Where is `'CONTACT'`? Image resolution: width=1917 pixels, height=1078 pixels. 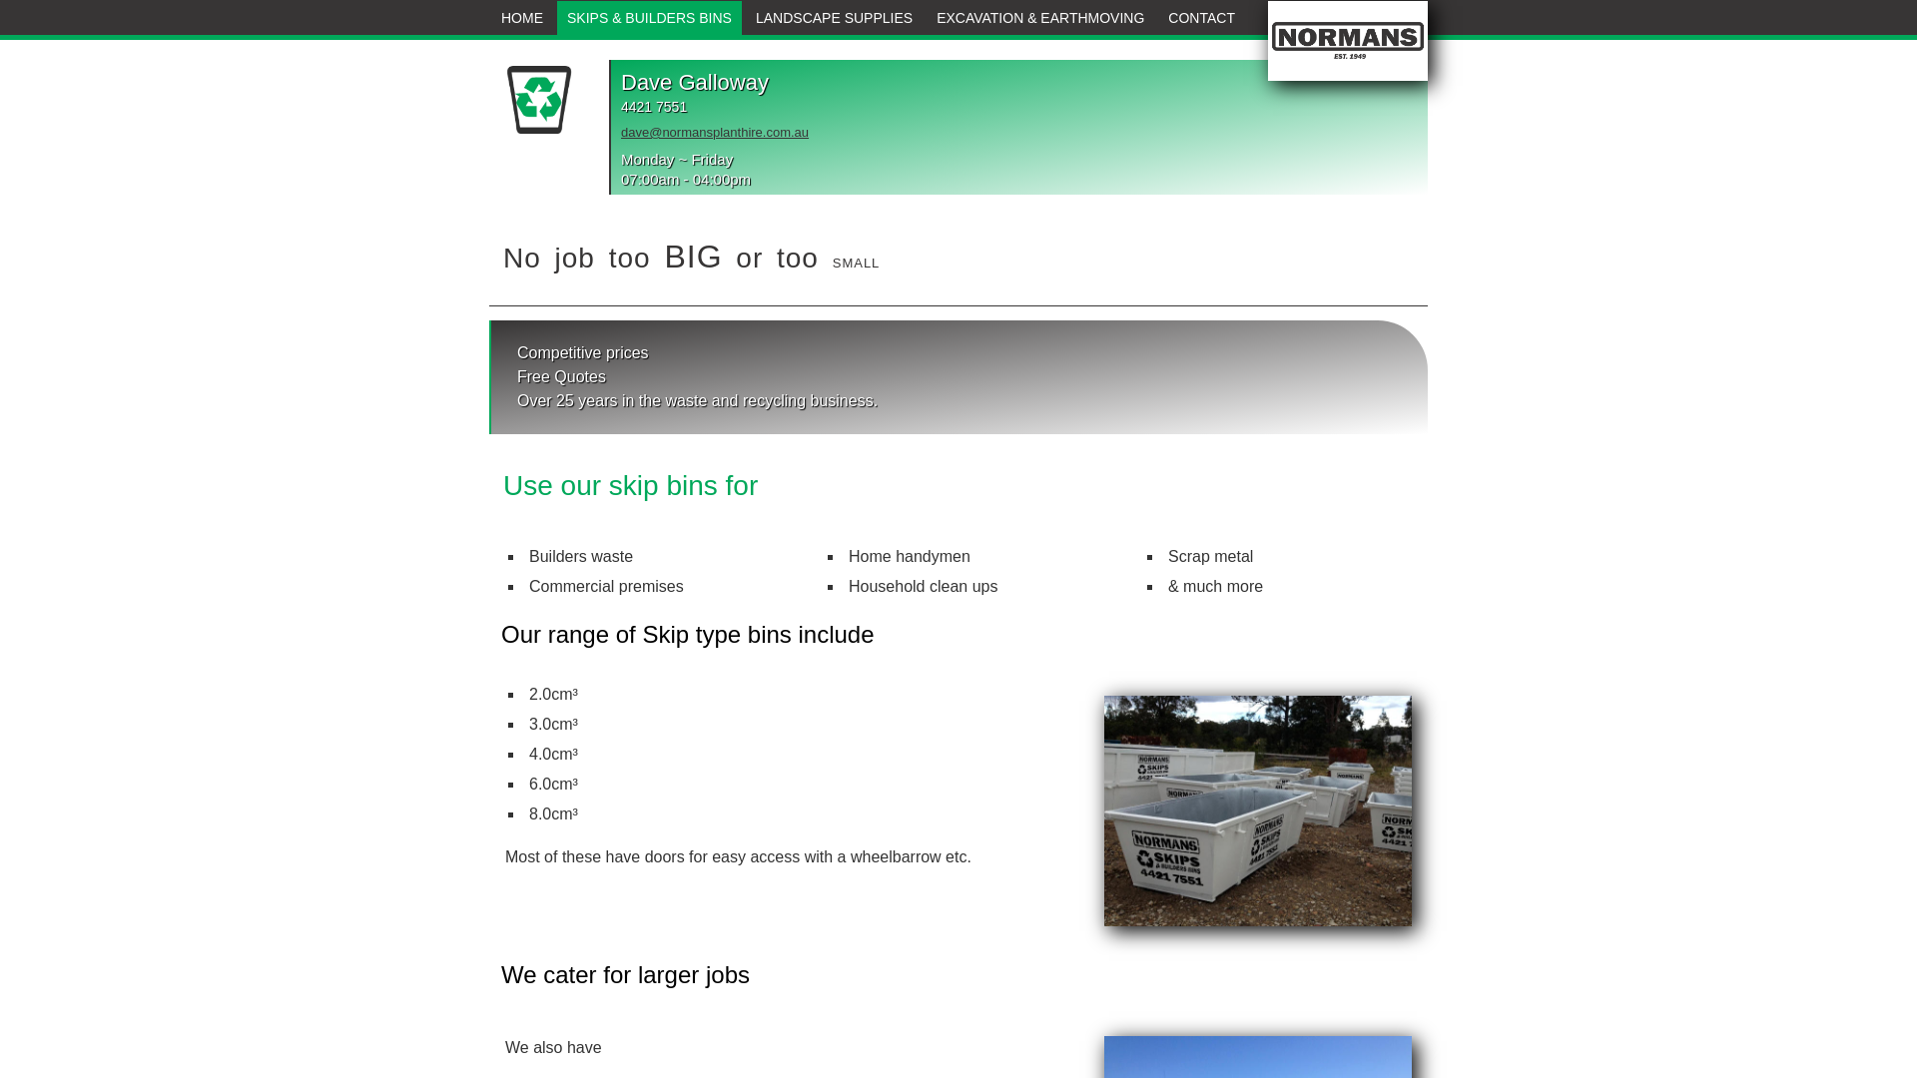 'CONTACT' is located at coordinates (1200, 18).